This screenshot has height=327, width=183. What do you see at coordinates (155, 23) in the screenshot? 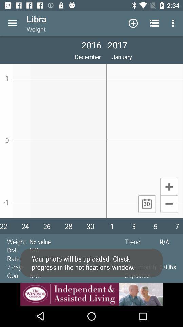
I see `the option to the next  right of add symbol` at bounding box center [155, 23].